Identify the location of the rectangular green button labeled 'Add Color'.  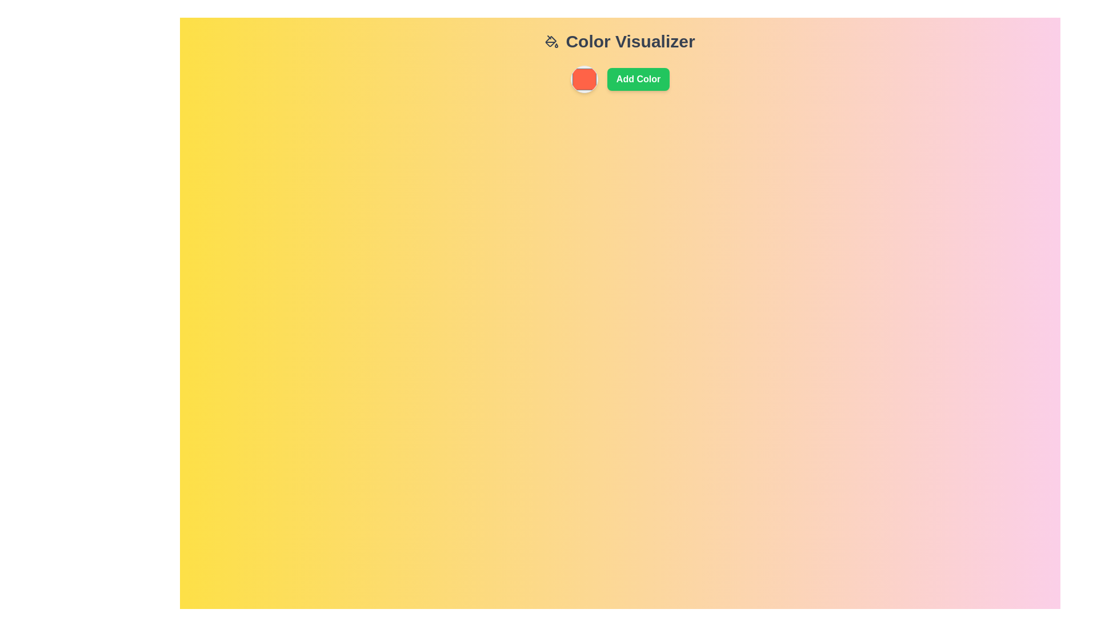
(638, 78).